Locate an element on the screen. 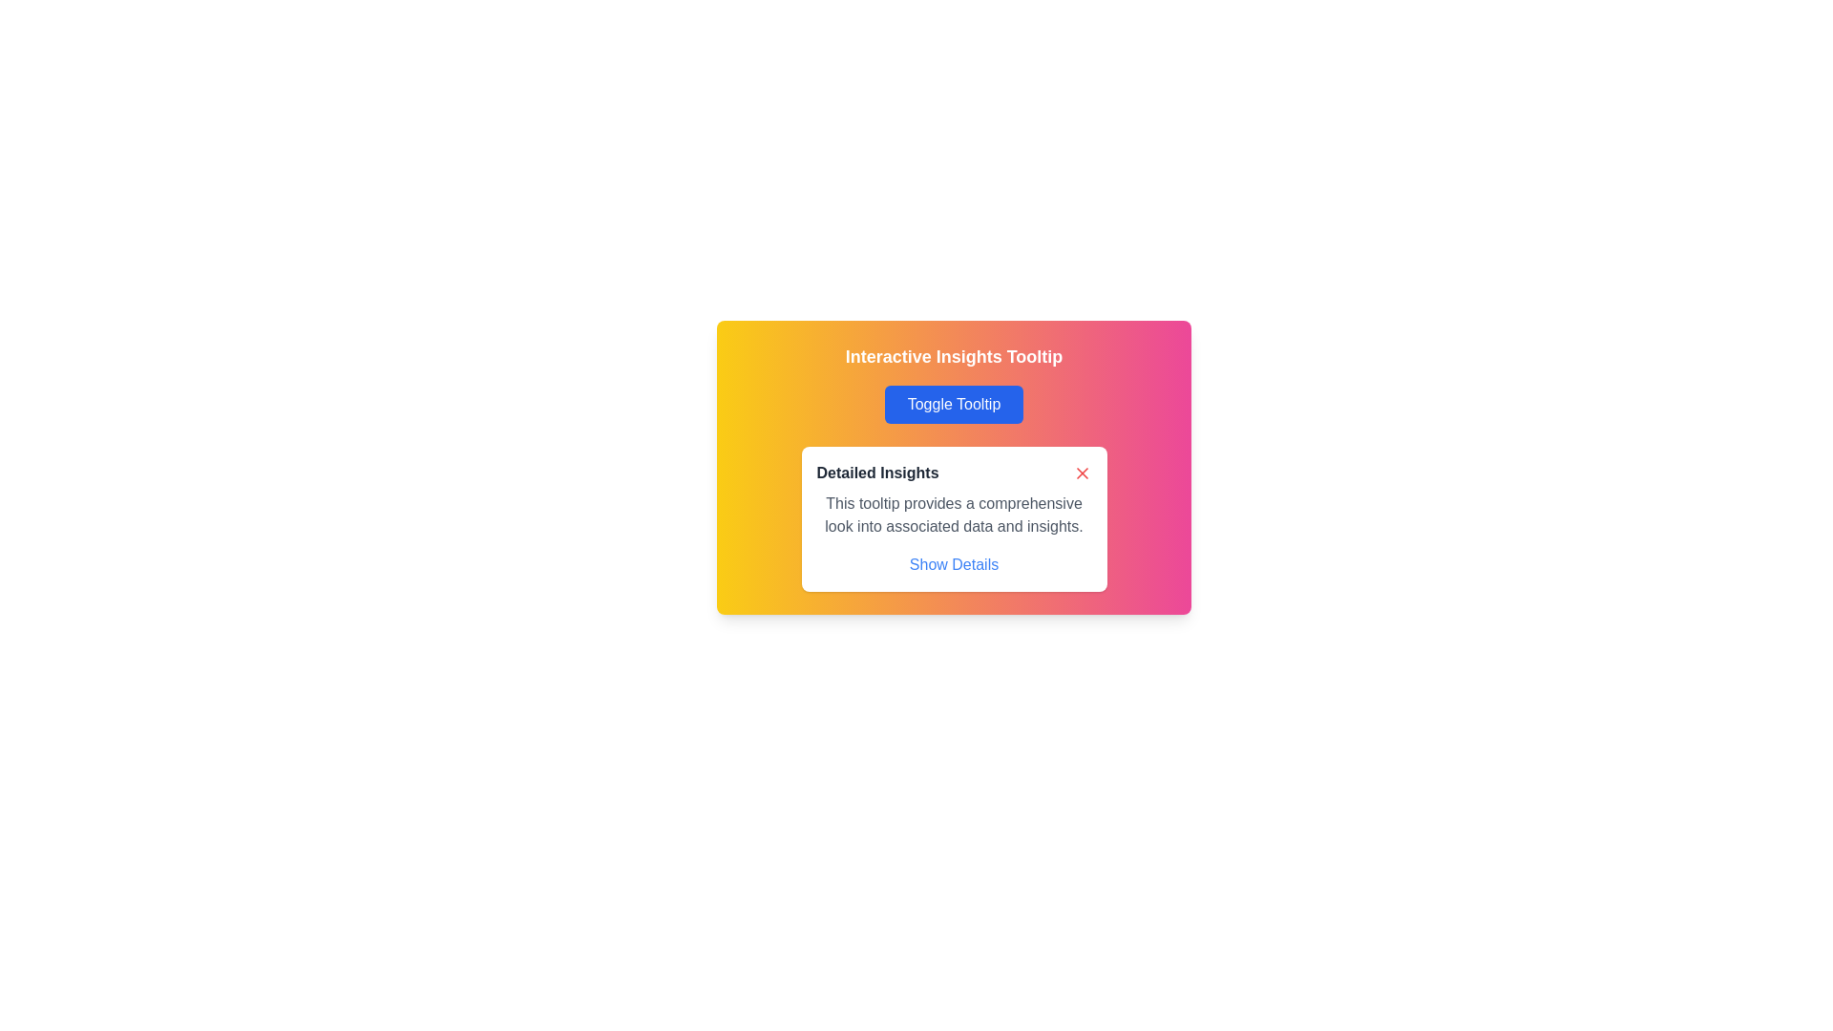  the Text Label that serves as a title or heading within the tooltip-like card, positioned to the left of the red close button is located at coordinates (875, 473).